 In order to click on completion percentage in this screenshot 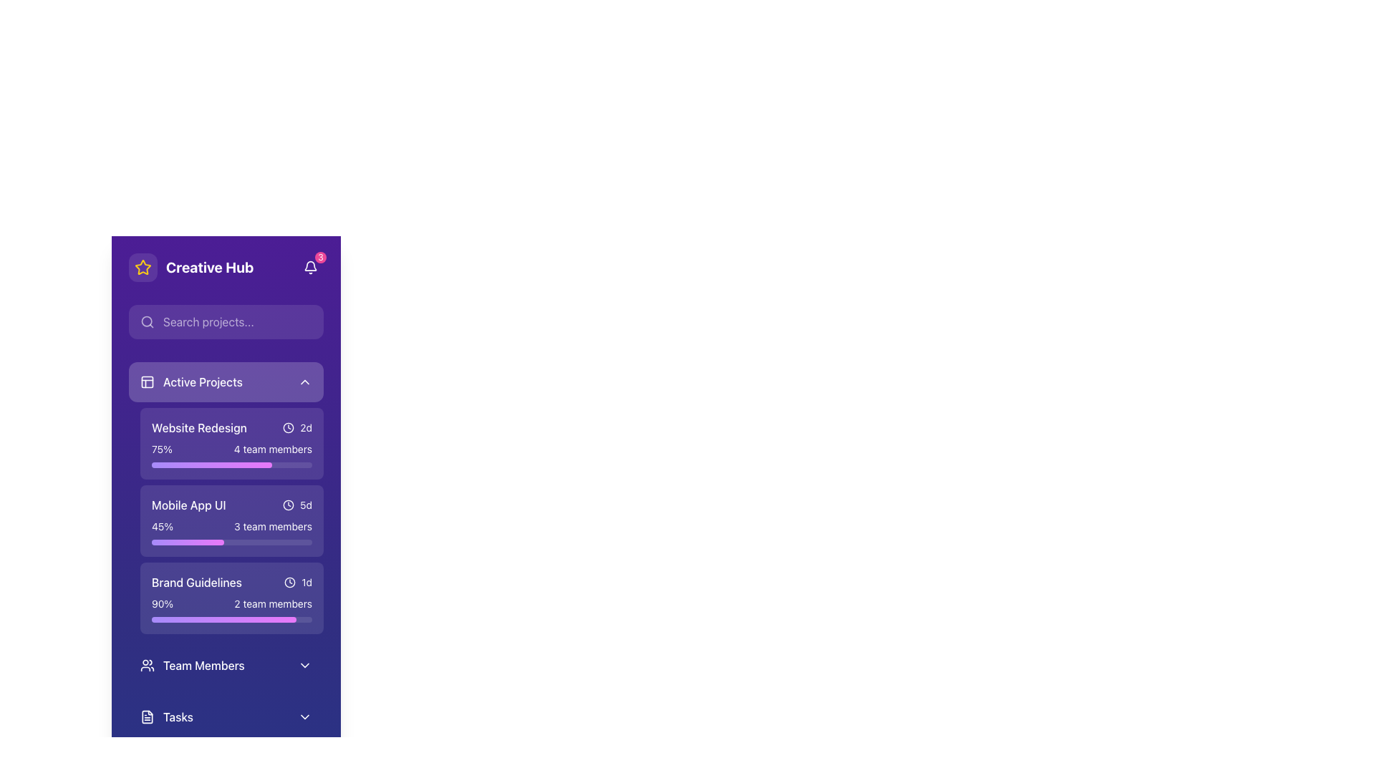, I will do `click(269, 465)`.